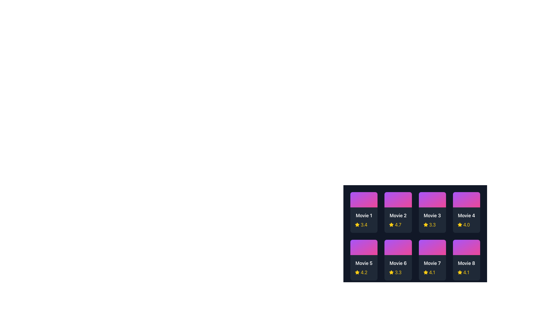 This screenshot has width=555, height=312. Describe the element at coordinates (391, 224) in the screenshot. I see `the star-shaped yellow icon located next to the numeric rating value of 4.7, which is part of the rating system for 'Movie 2' in the grid layout` at that location.